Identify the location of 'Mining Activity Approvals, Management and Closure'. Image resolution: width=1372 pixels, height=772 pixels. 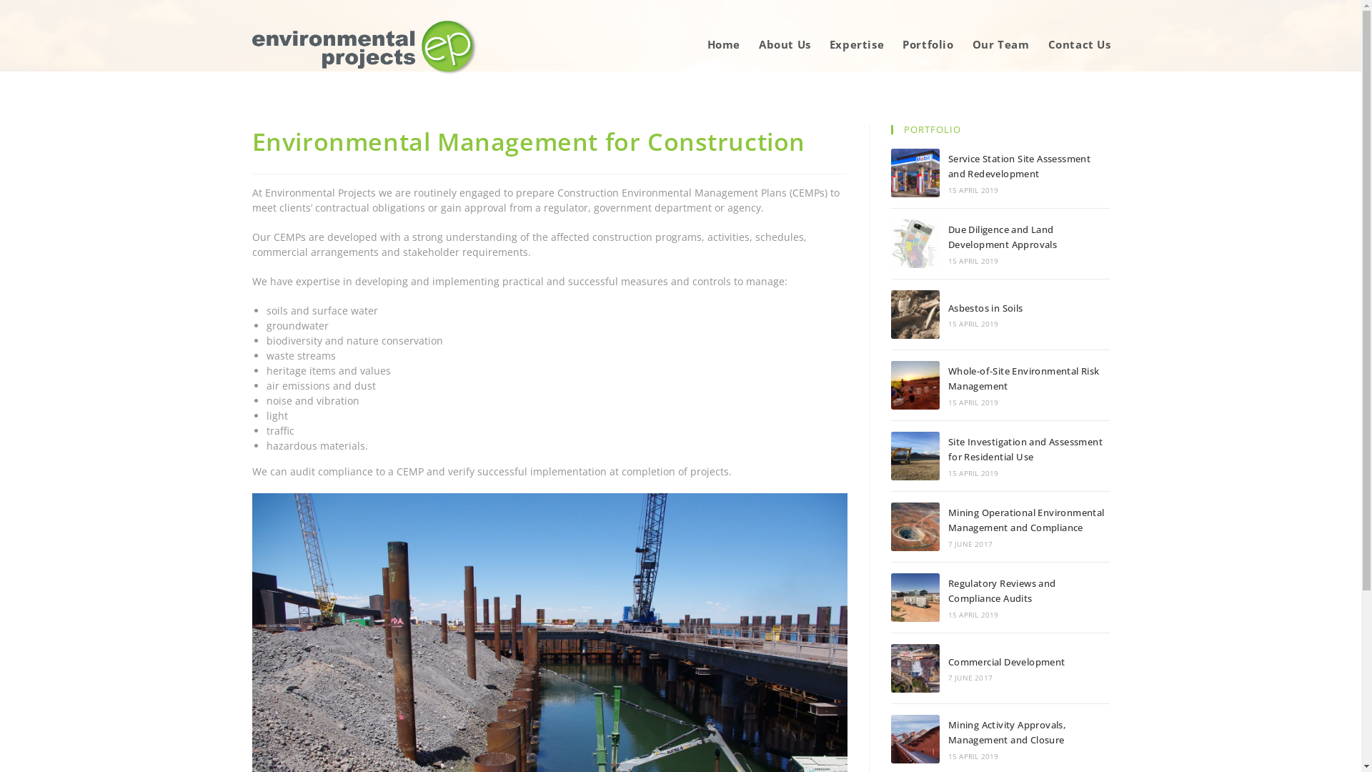
(1006, 732).